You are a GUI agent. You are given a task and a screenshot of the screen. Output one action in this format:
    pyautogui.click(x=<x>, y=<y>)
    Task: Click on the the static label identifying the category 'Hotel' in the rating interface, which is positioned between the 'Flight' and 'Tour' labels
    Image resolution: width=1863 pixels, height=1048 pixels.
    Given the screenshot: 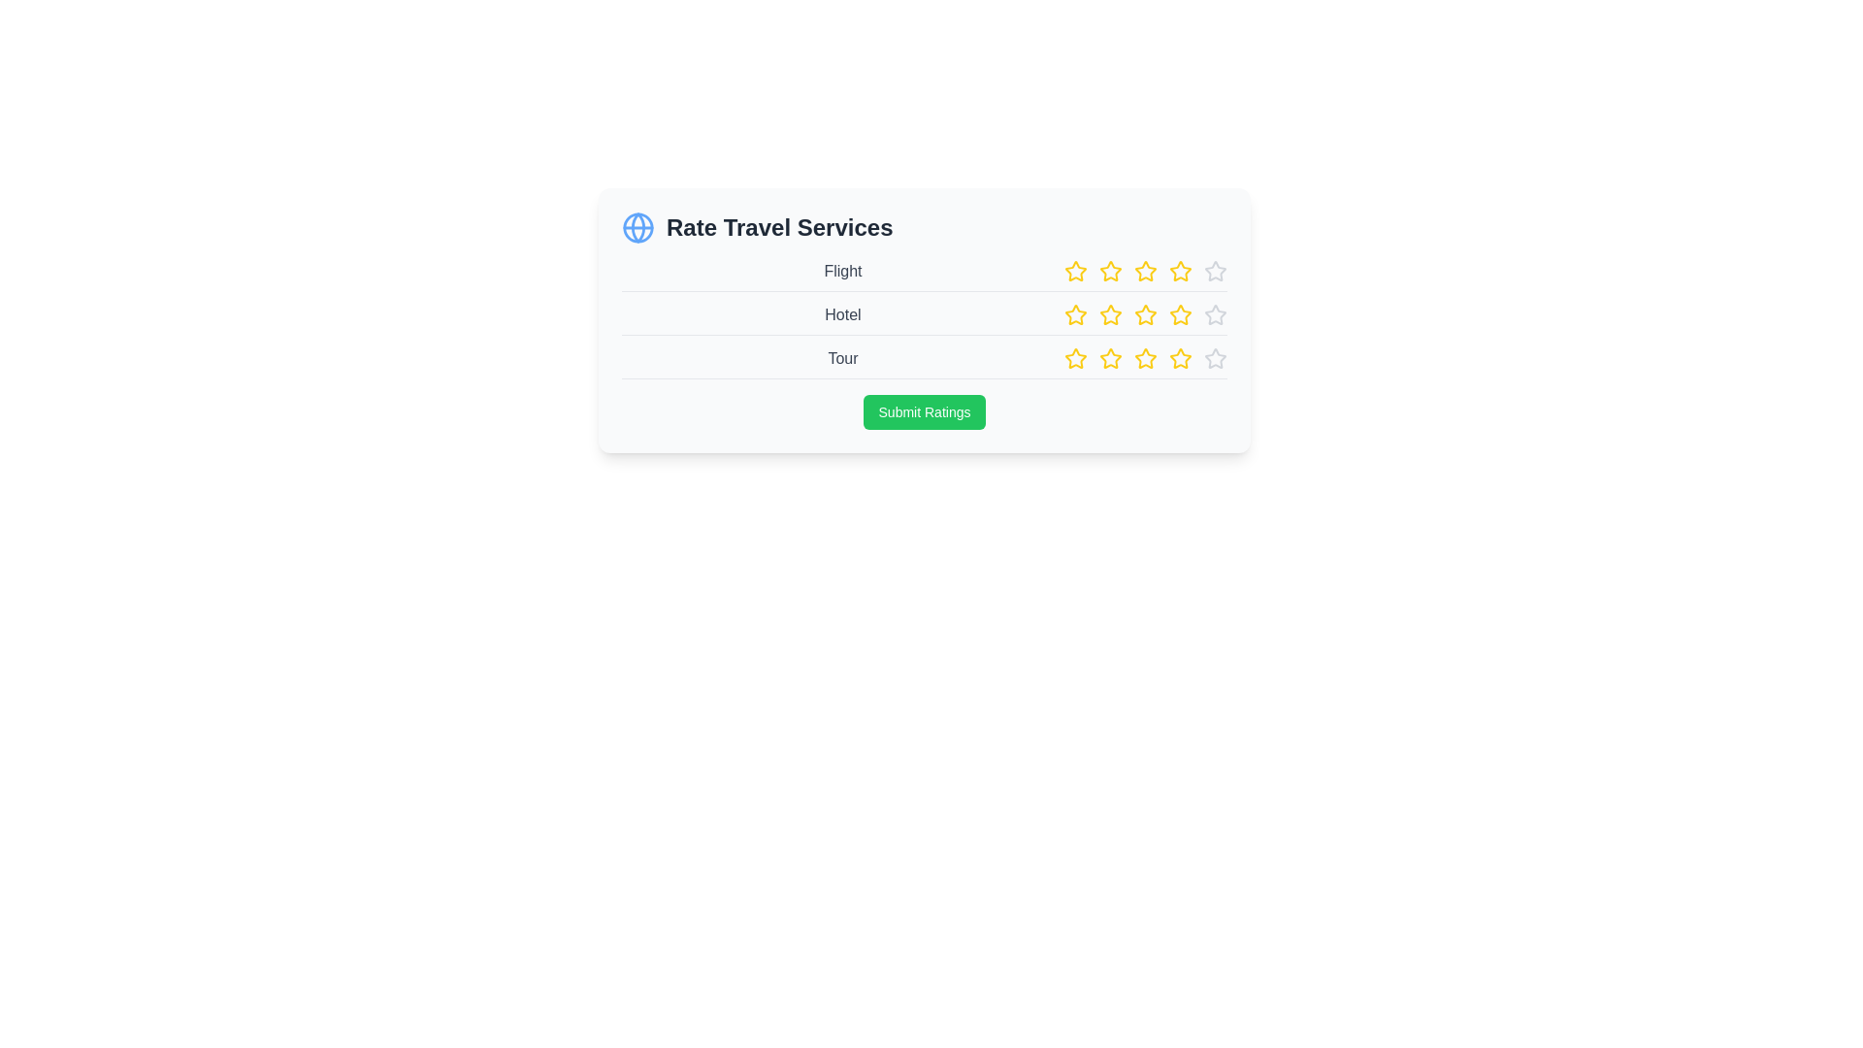 What is the action you would take?
    pyautogui.click(x=842, y=313)
    